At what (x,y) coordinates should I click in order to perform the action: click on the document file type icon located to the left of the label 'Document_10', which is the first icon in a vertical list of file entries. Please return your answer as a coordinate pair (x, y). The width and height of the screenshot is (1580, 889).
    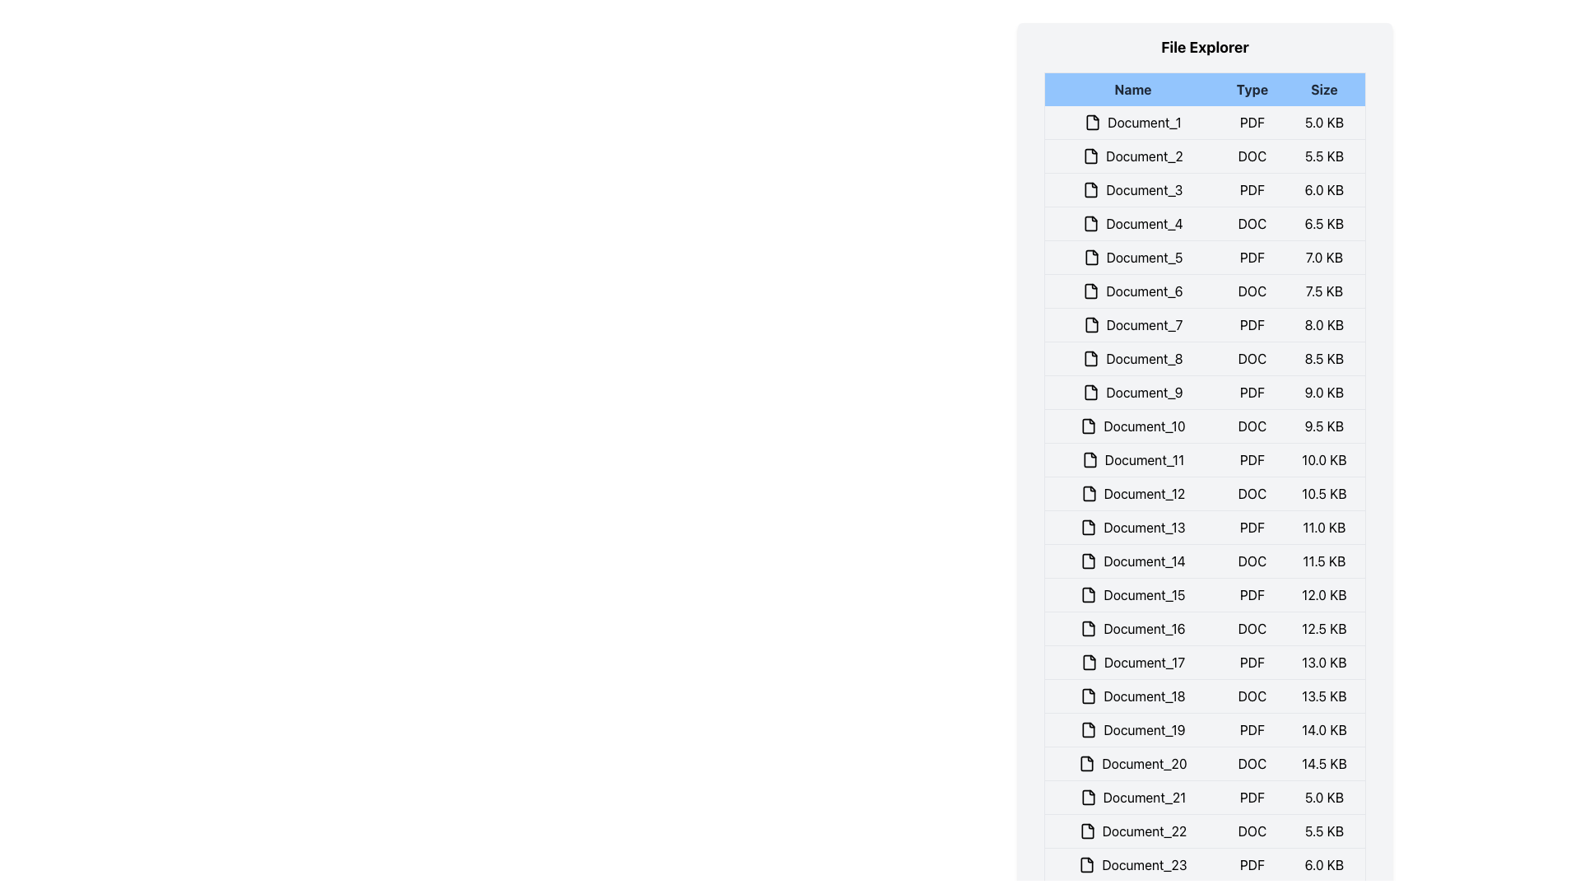
    Looking at the image, I should click on (1089, 425).